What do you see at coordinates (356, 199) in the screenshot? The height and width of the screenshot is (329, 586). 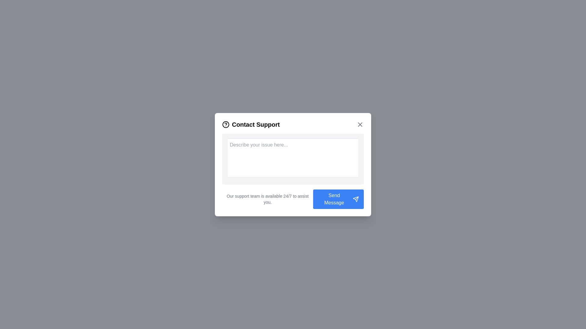 I see `the paper airplane icon located next to the 'Send Message' text within the button to trigger the hover state` at bounding box center [356, 199].